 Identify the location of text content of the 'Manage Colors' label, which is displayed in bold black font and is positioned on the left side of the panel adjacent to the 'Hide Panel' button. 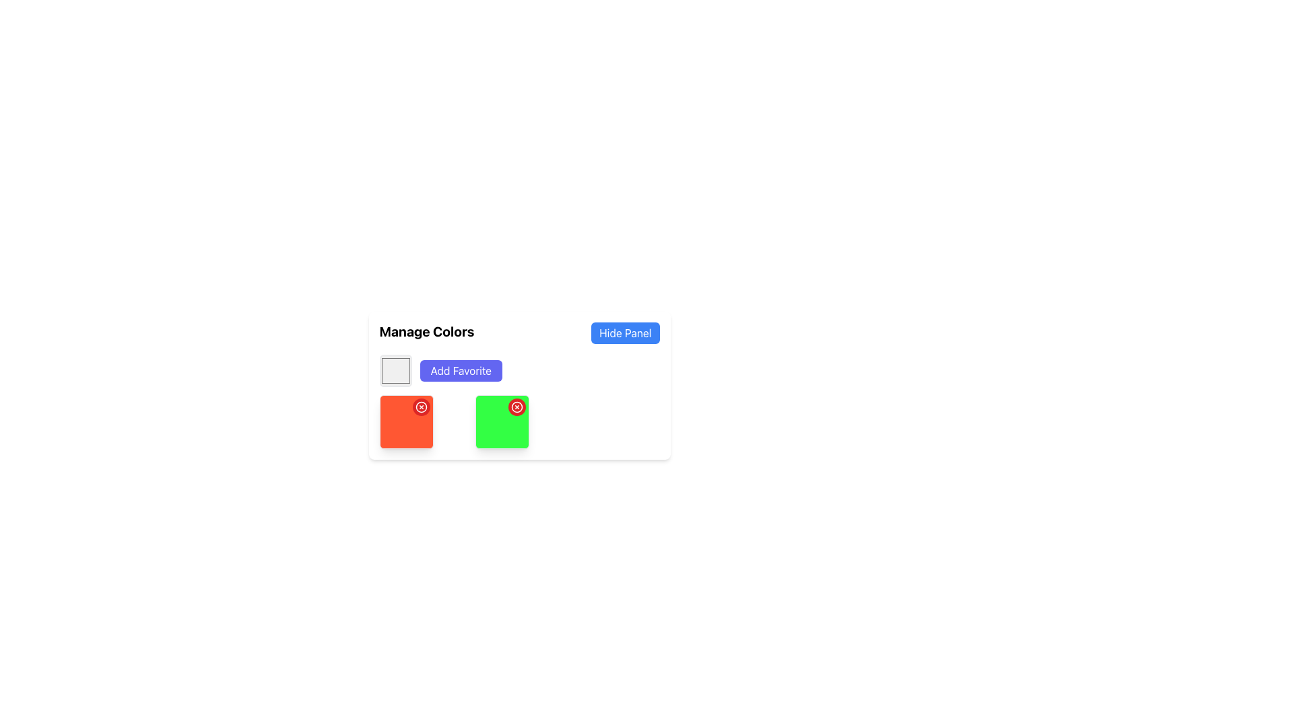
(426, 333).